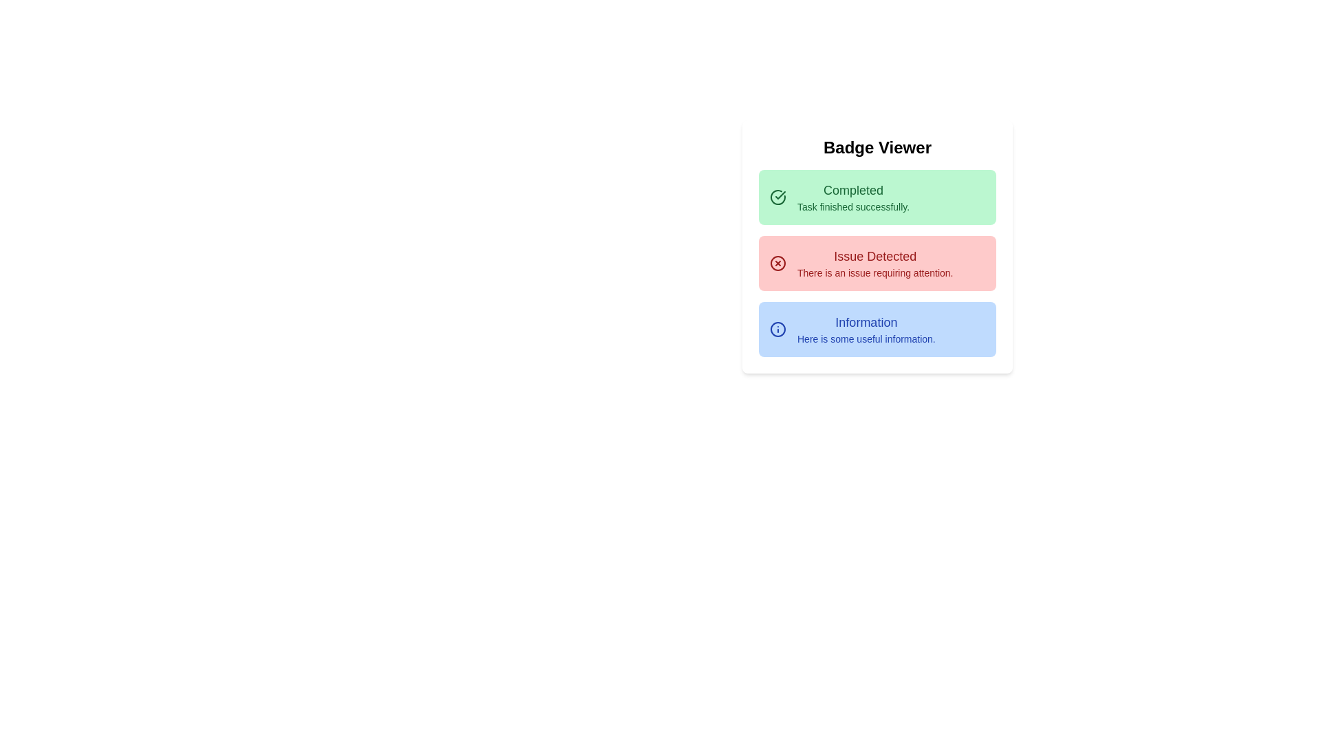 This screenshot has width=1321, height=743. Describe the element at coordinates (877, 197) in the screenshot. I see `the Notification widget that serves as a badge for successfully completed tasks, distinguished by its green background and icon` at that location.